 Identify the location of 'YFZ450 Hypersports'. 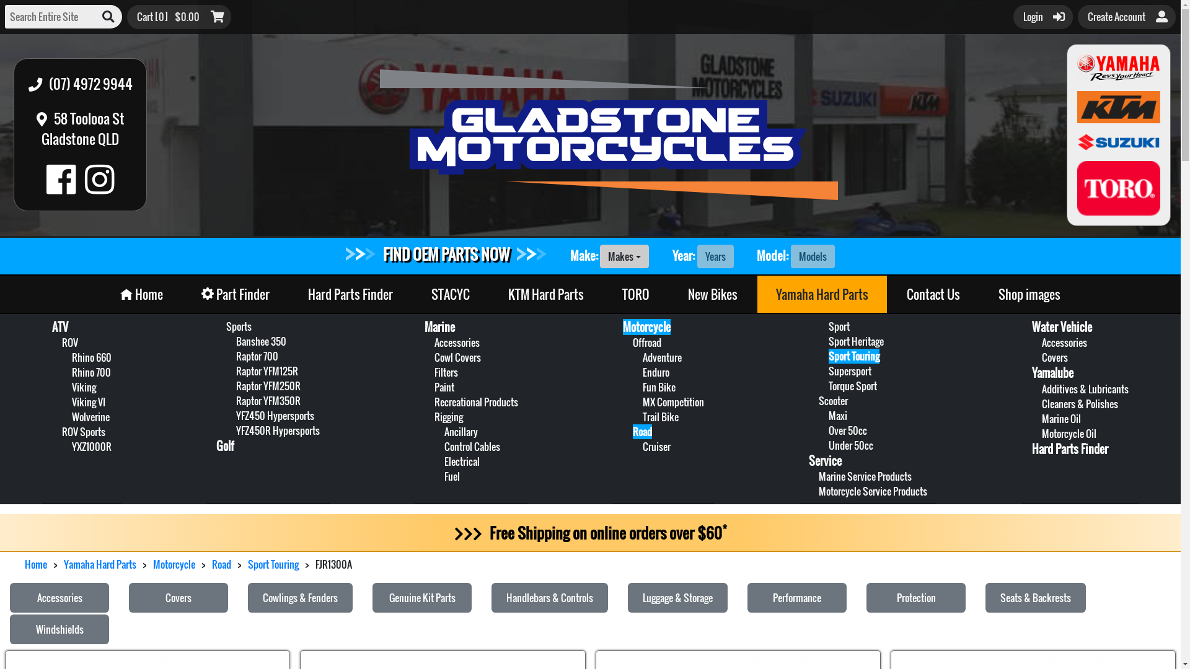
(274, 416).